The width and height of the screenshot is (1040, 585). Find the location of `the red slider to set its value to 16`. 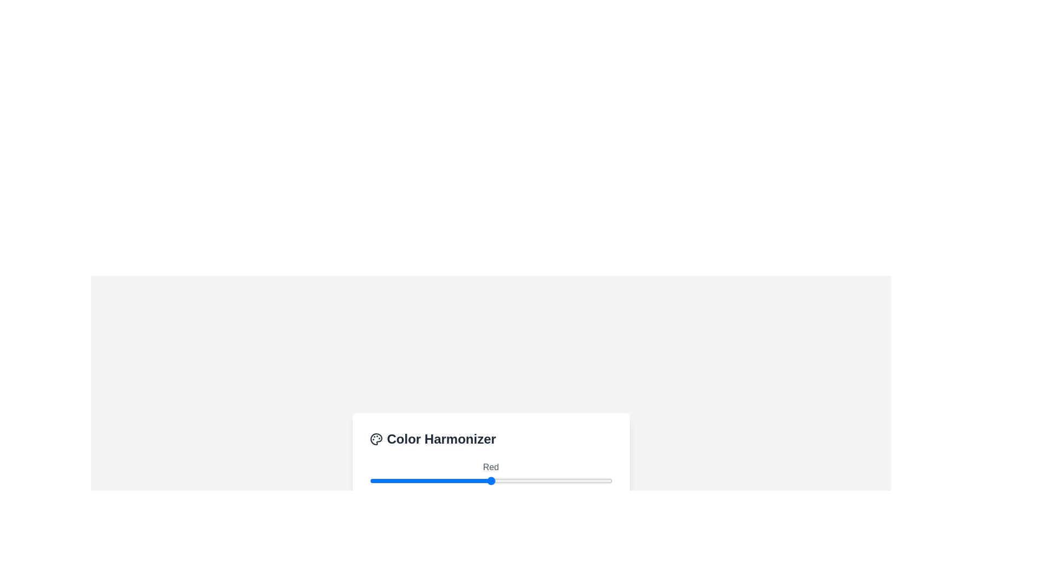

the red slider to set its value to 16 is located at coordinates (385, 480).